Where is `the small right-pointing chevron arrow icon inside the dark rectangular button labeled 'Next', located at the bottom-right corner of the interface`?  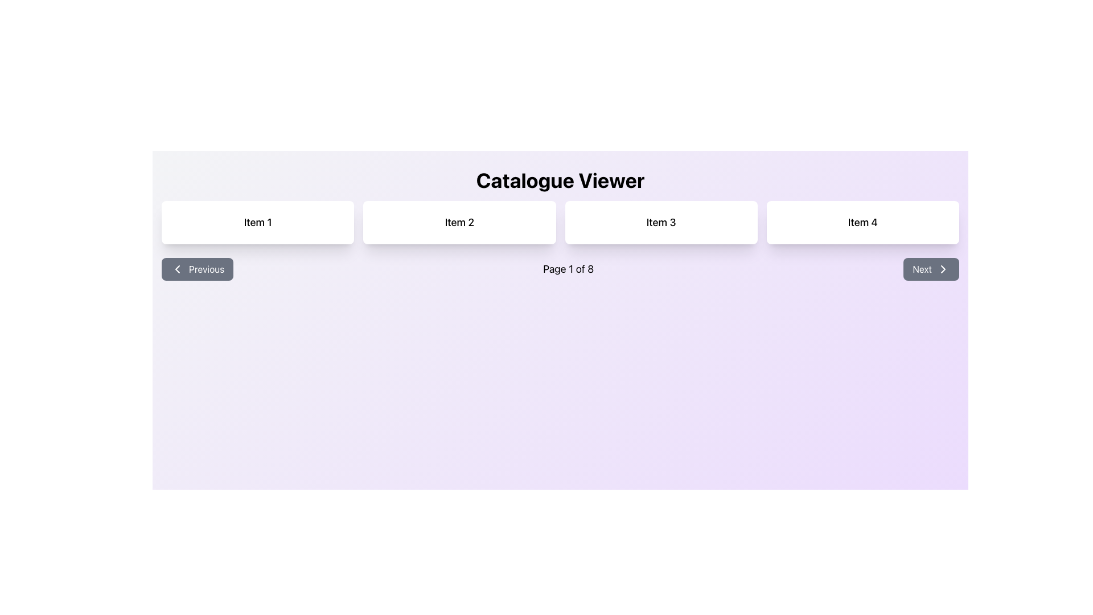 the small right-pointing chevron arrow icon inside the dark rectangular button labeled 'Next', located at the bottom-right corner of the interface is located at coordinates (943, 269).